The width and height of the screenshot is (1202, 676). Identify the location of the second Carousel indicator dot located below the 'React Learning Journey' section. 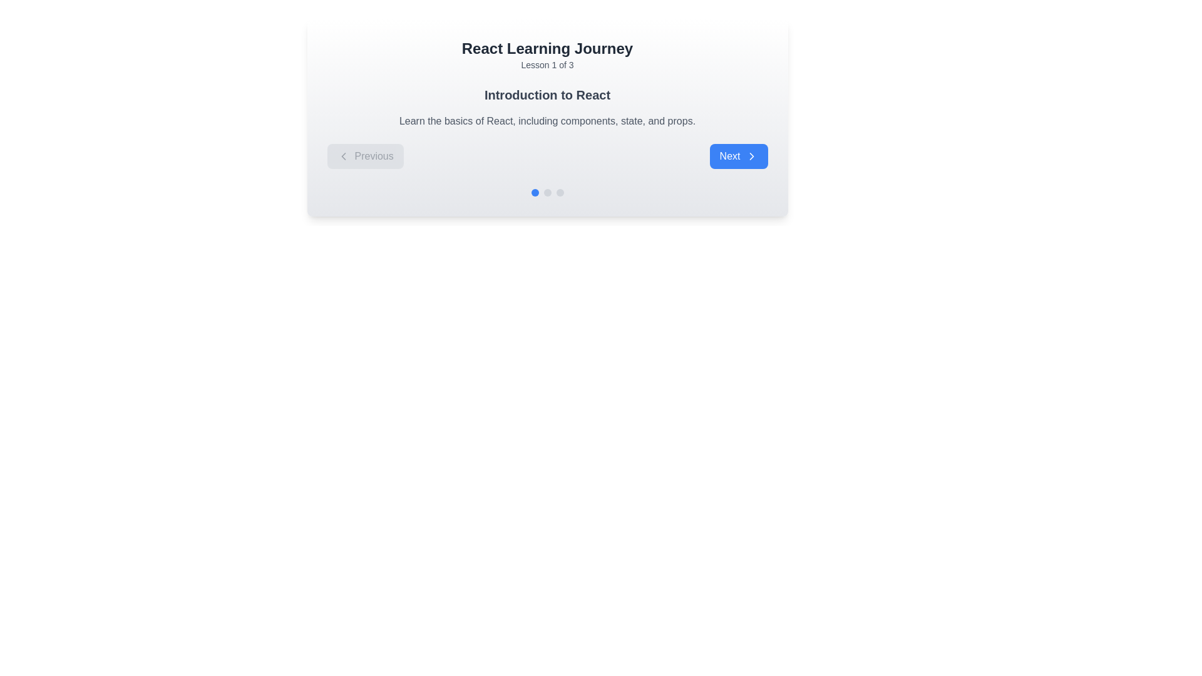
(547, 193).